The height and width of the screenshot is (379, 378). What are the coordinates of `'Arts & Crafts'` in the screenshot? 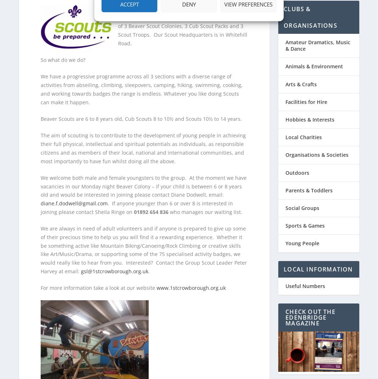 It's located at (301, 80).